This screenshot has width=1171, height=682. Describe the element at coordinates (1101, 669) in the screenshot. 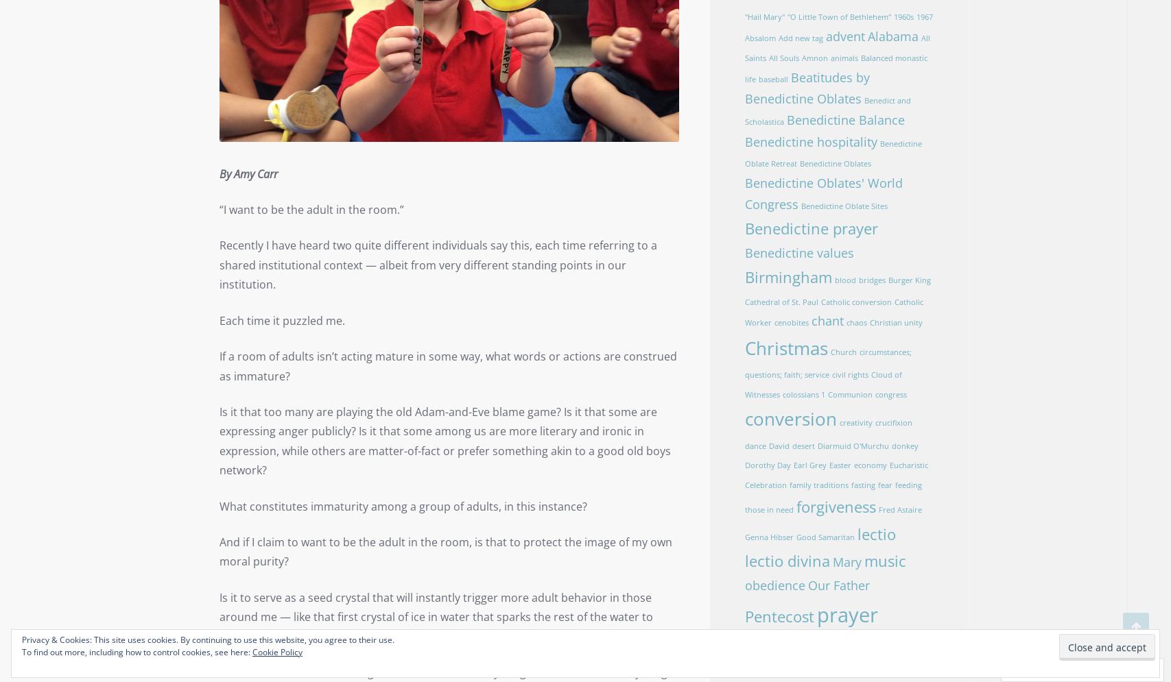

I see `'Follow'` at that location.